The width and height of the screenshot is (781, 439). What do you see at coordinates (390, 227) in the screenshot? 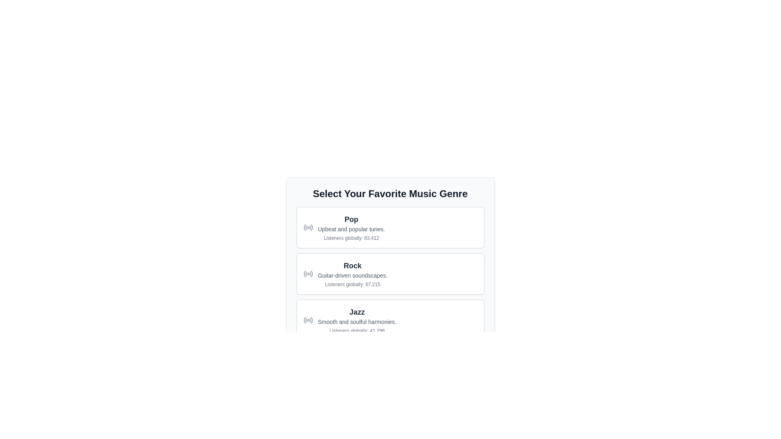
I see `the informational card that represents the 'Pop' music genre, which is the first card in a vertical list of music genre cards` at bounding box center [390, 227].